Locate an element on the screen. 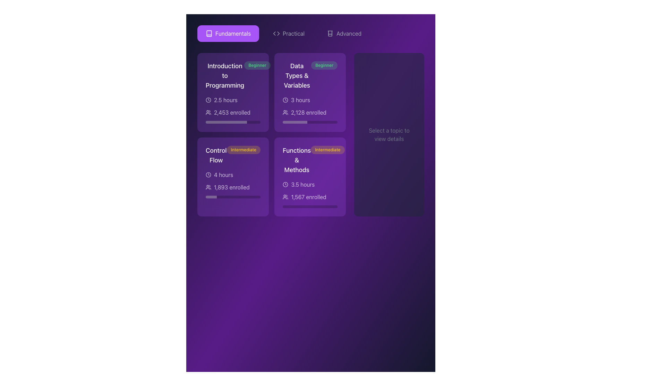  the icon representing a group of people, which is styled with a light purple color and located adjacent to the text '1,567 enrolled' is located at coordinates (285, 197).